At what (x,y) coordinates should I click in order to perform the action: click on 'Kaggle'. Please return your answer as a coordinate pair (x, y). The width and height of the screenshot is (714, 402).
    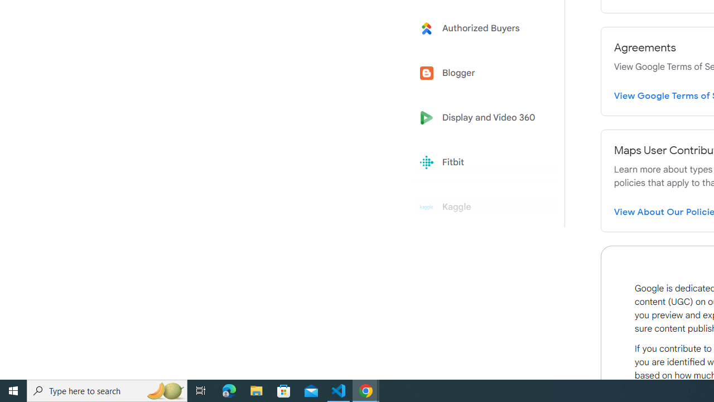
    Looking at the image, I should click on (481, 207).